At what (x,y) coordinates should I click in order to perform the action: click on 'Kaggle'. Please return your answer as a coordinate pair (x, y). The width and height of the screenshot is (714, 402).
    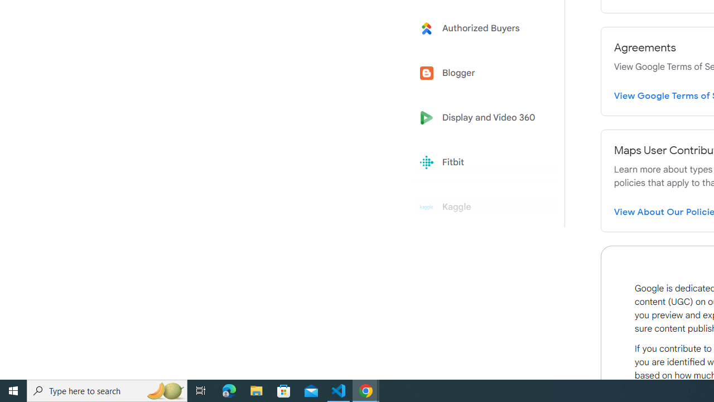
    Looking at the image, I should click on (481, 207).